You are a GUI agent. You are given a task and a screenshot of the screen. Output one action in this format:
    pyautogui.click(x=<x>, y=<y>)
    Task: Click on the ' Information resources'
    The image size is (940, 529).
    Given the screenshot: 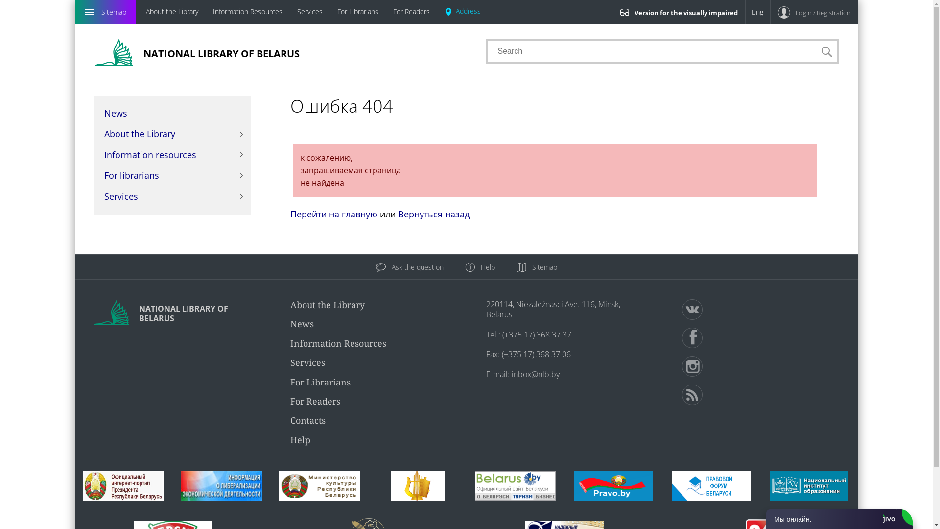 What is the action you would take?
    pyautogui.click(x=172, y=154)
    